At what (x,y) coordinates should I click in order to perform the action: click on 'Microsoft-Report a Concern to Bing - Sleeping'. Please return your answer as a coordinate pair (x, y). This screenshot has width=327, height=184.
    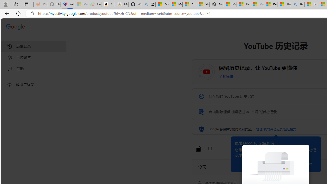
    Looking at the image, I should click on (80, 4).